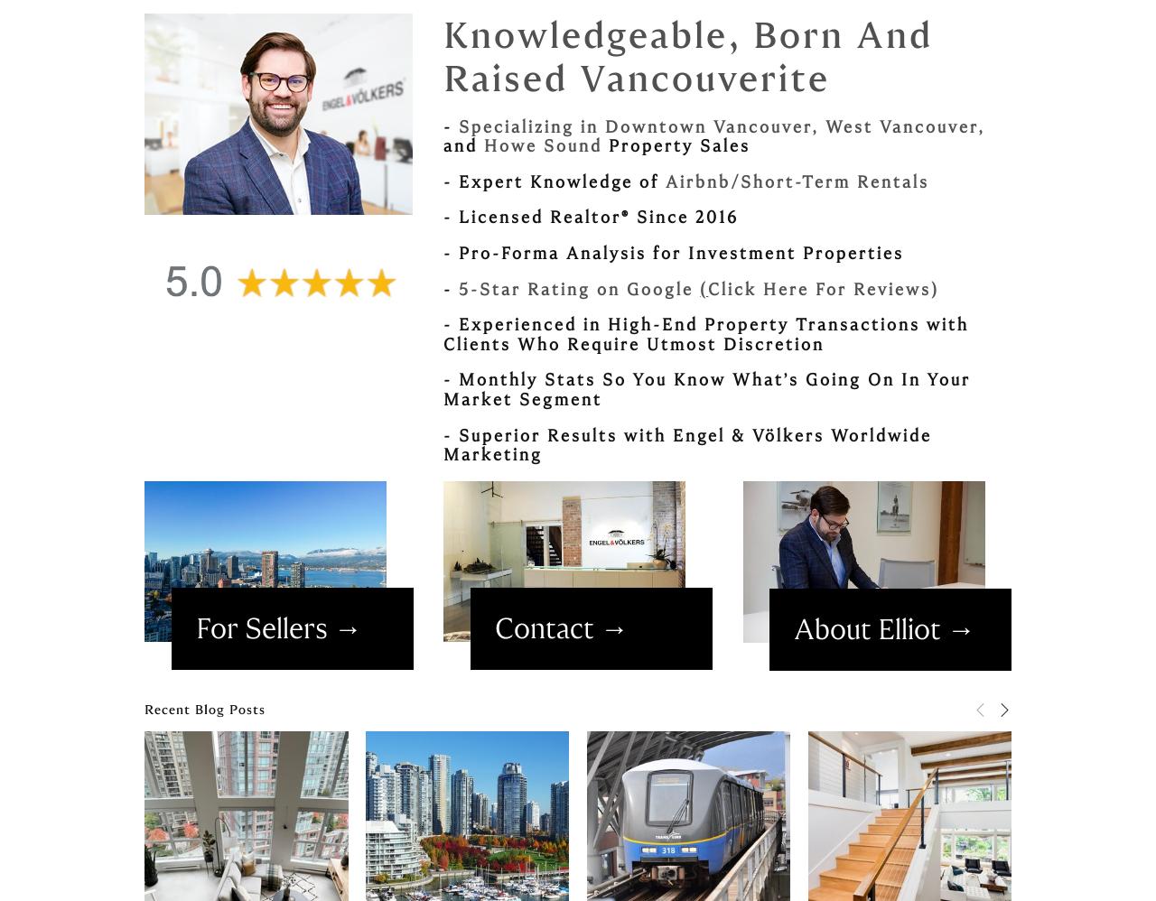 This screenshot has height=901, width=1156. What do you see at coordinates (591, 218) in the screenshot?
I see `'- Licensed Realtor® Since 2016'` at bounding box center [591, 218].